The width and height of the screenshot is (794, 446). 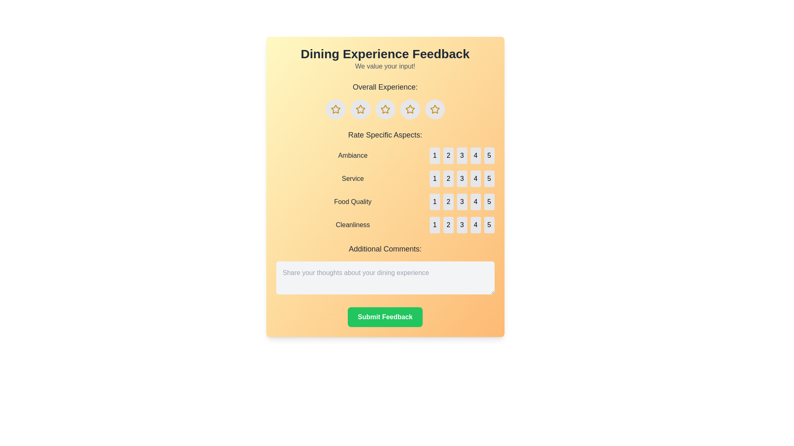 I want to click on on the third star icon in the star rating row, which is visually distinct due, so click(x=385, y=109).